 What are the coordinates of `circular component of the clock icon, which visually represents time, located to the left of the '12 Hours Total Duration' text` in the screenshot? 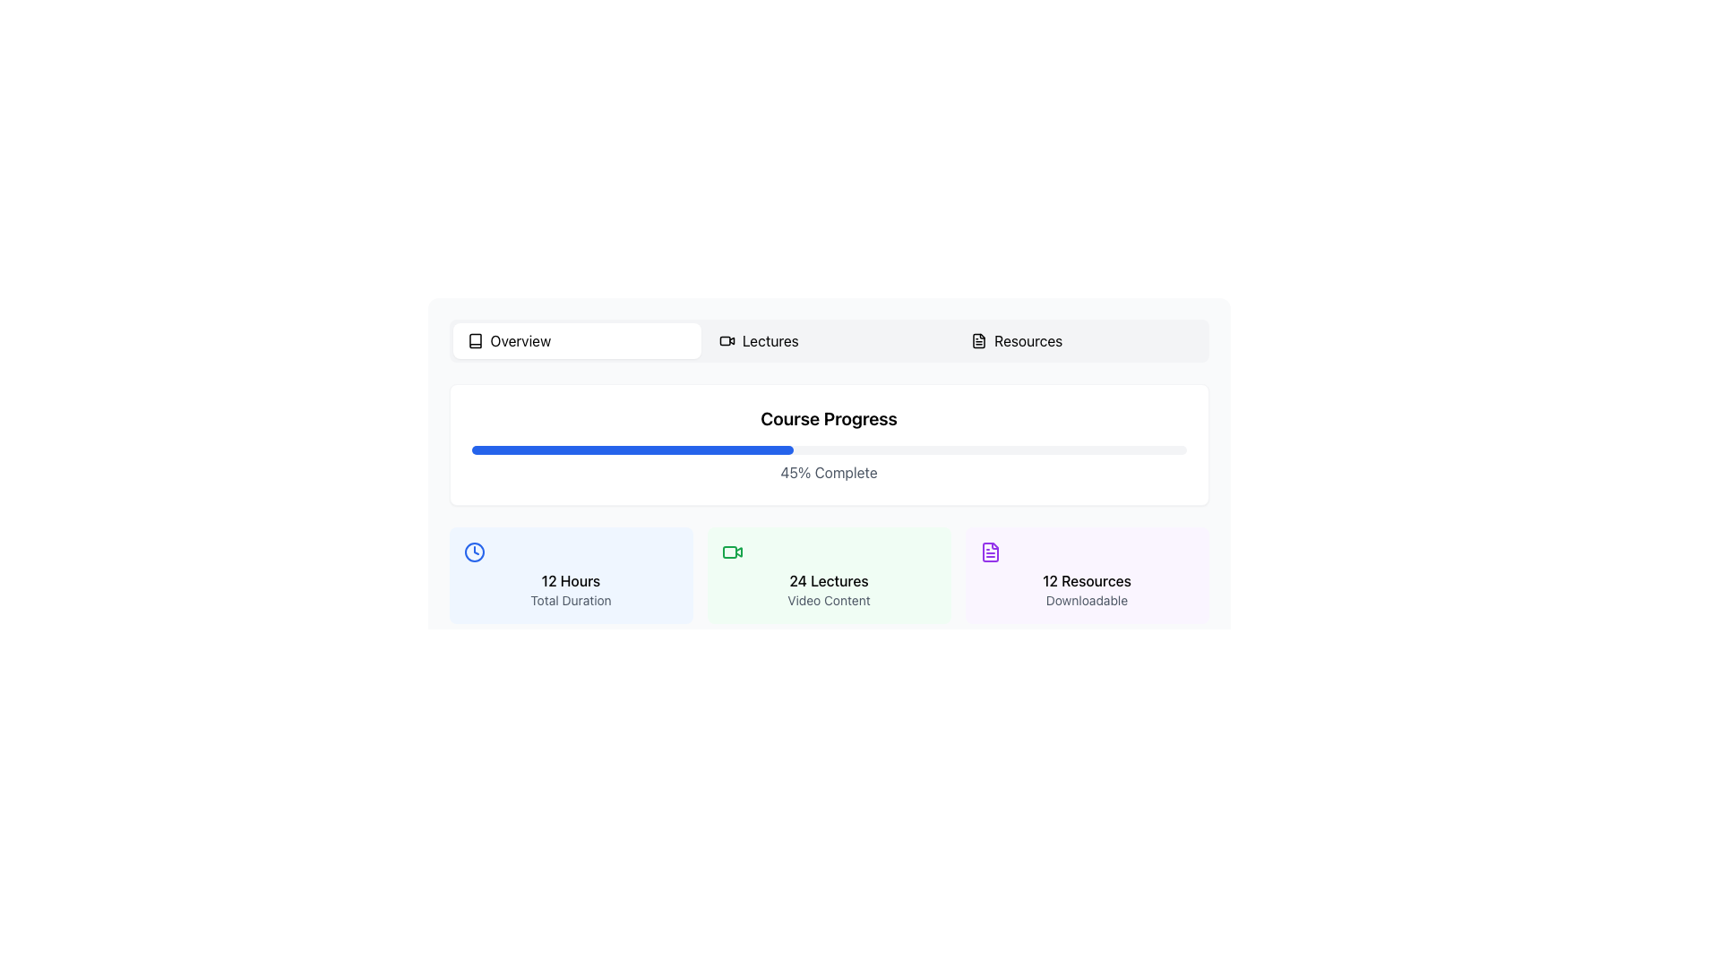 It's located at (474, 552).